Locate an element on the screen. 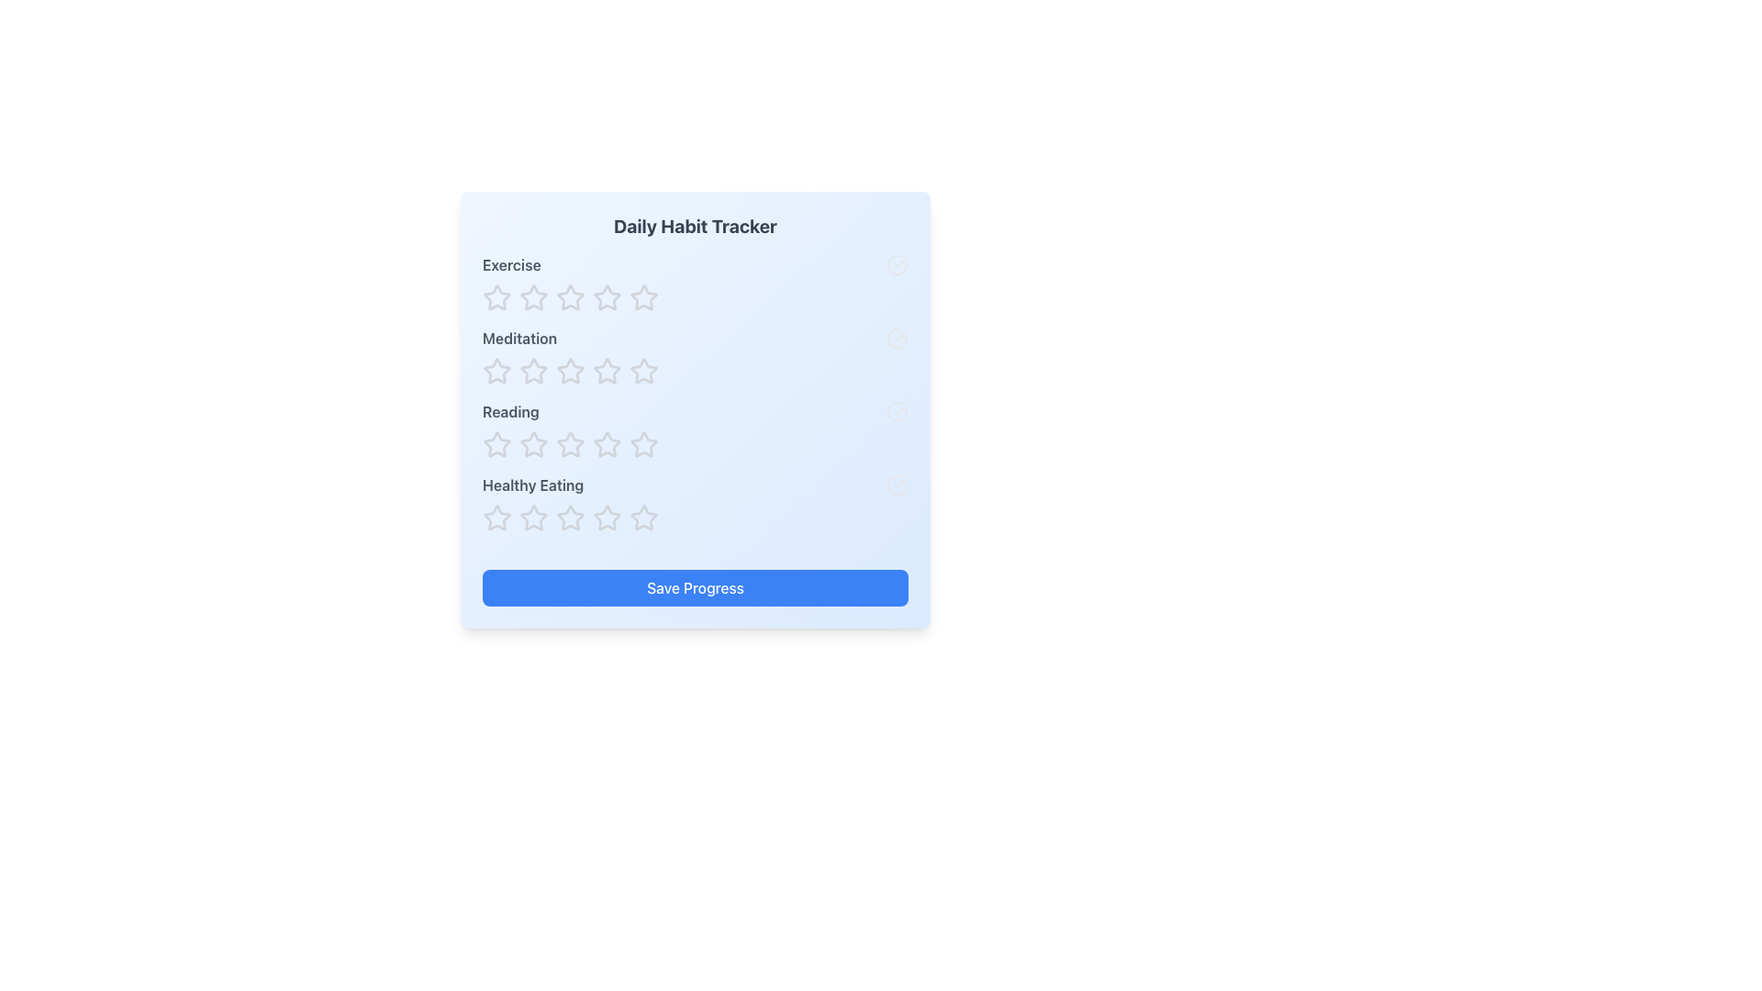 The width and height of the screenshot is (1762, 991). the second star in the horizontal row of stars for rating the 'Exercise' activity under the 'Daily Habit Tracker' title is located at coordinates (642, 296).